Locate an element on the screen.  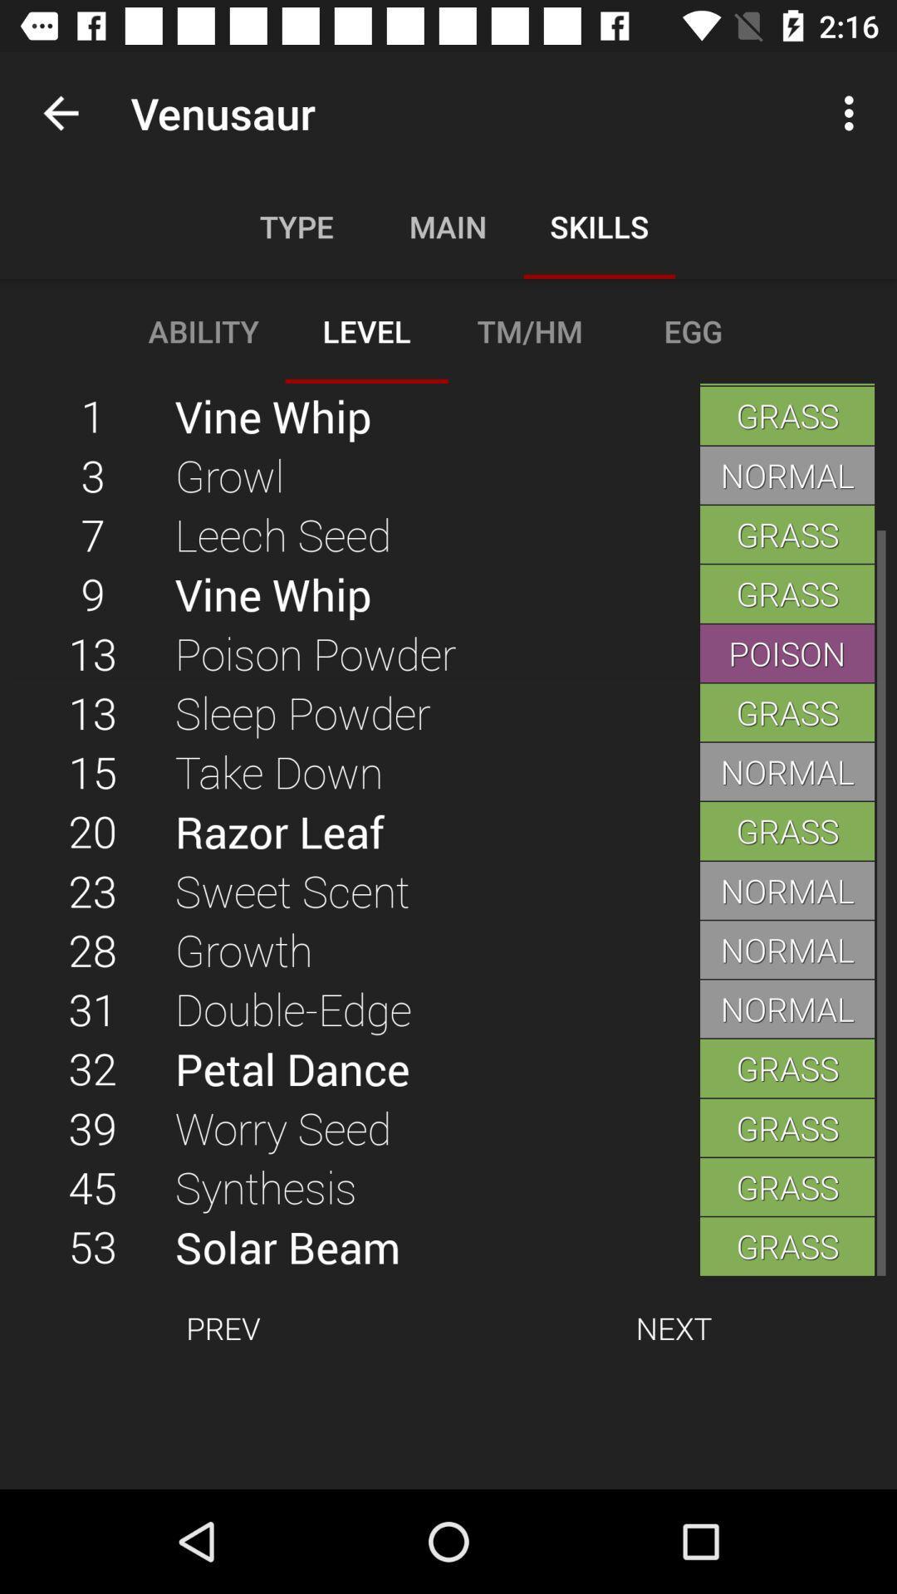
app next to venusaur icon is located at coordinates (60, 112).